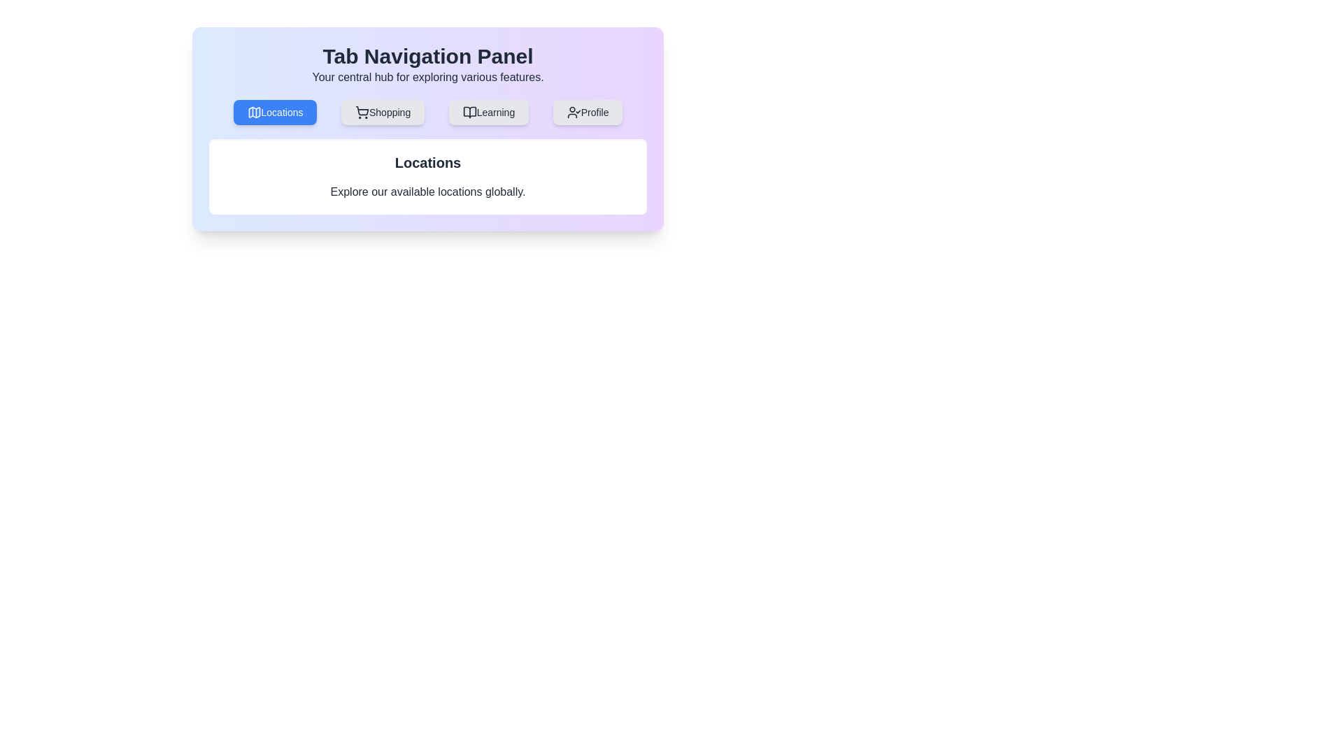 The width and height of the screenshot is (1343, 755). Describe the element at coordinates (588, 112) in the screenshot. I see `the Profile tab by clicking on its button` at that location.